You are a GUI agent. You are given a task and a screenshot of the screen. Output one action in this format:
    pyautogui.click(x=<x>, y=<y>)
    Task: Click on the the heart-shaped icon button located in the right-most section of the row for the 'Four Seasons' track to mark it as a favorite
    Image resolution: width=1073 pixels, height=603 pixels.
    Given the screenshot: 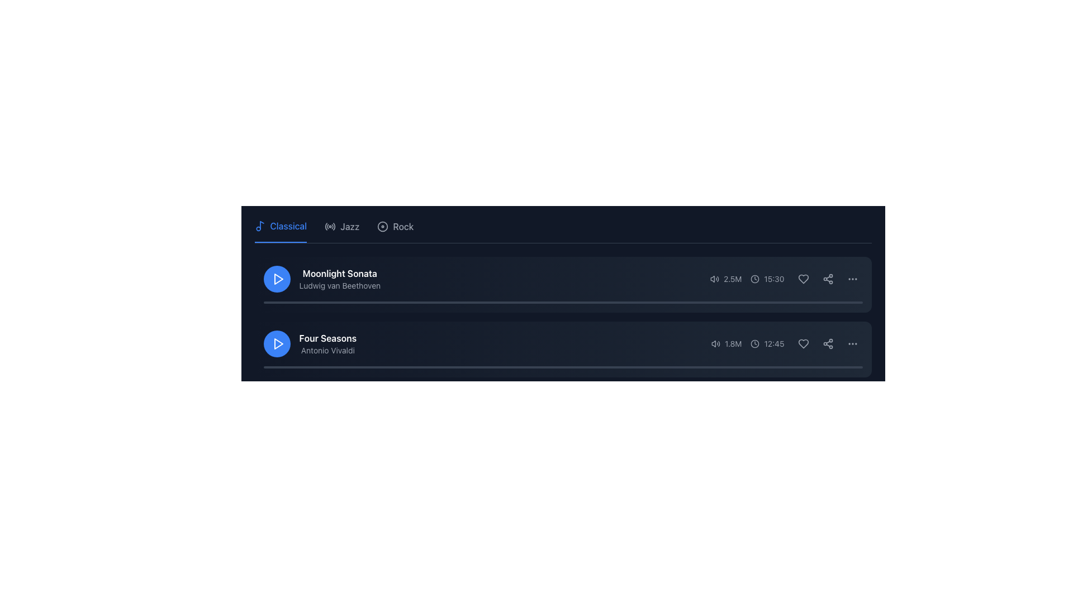 What is the action you would take?
    pyautogui.click(x=803, y=343)
    